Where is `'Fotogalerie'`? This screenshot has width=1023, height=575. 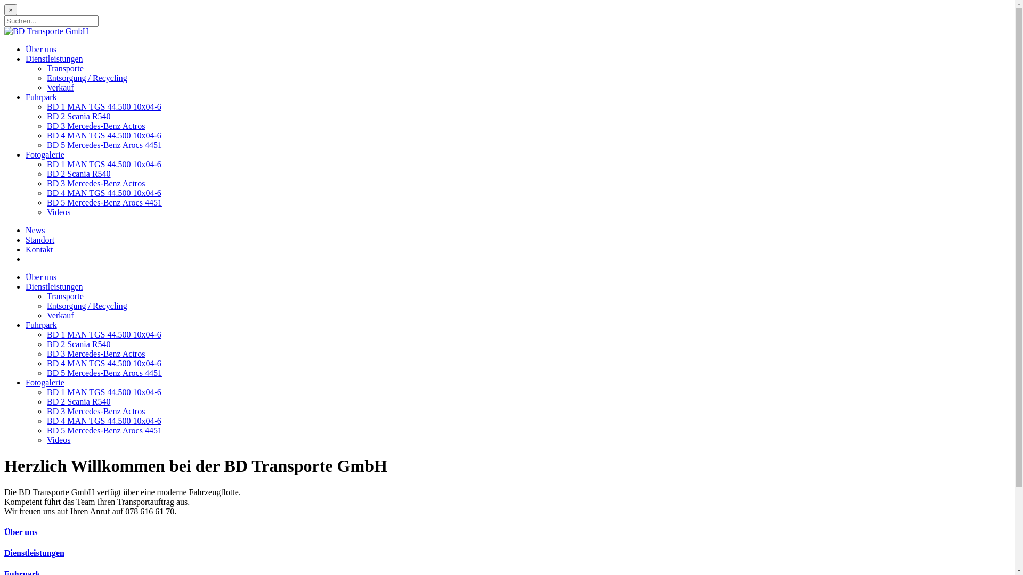
'Fotogalerie' is located at coordinates (44, 382).